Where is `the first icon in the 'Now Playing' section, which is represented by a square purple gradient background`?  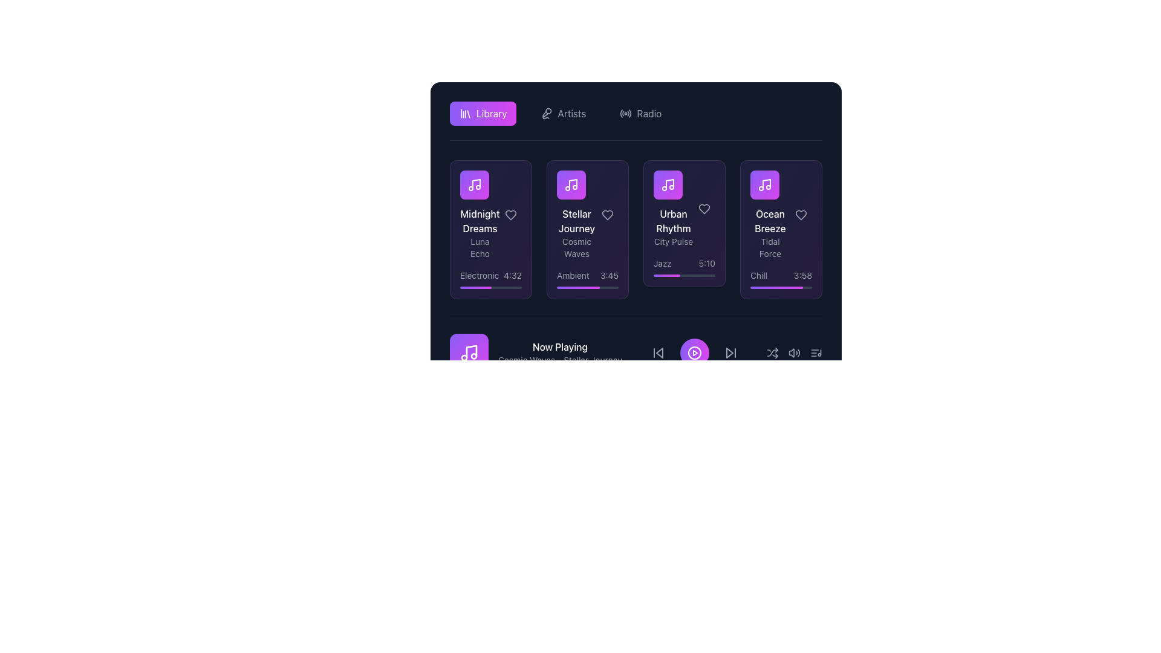 the first icon in the 'Now Playing' section, which is represented by a square purple gradient background is located at coordinates (469, 352).